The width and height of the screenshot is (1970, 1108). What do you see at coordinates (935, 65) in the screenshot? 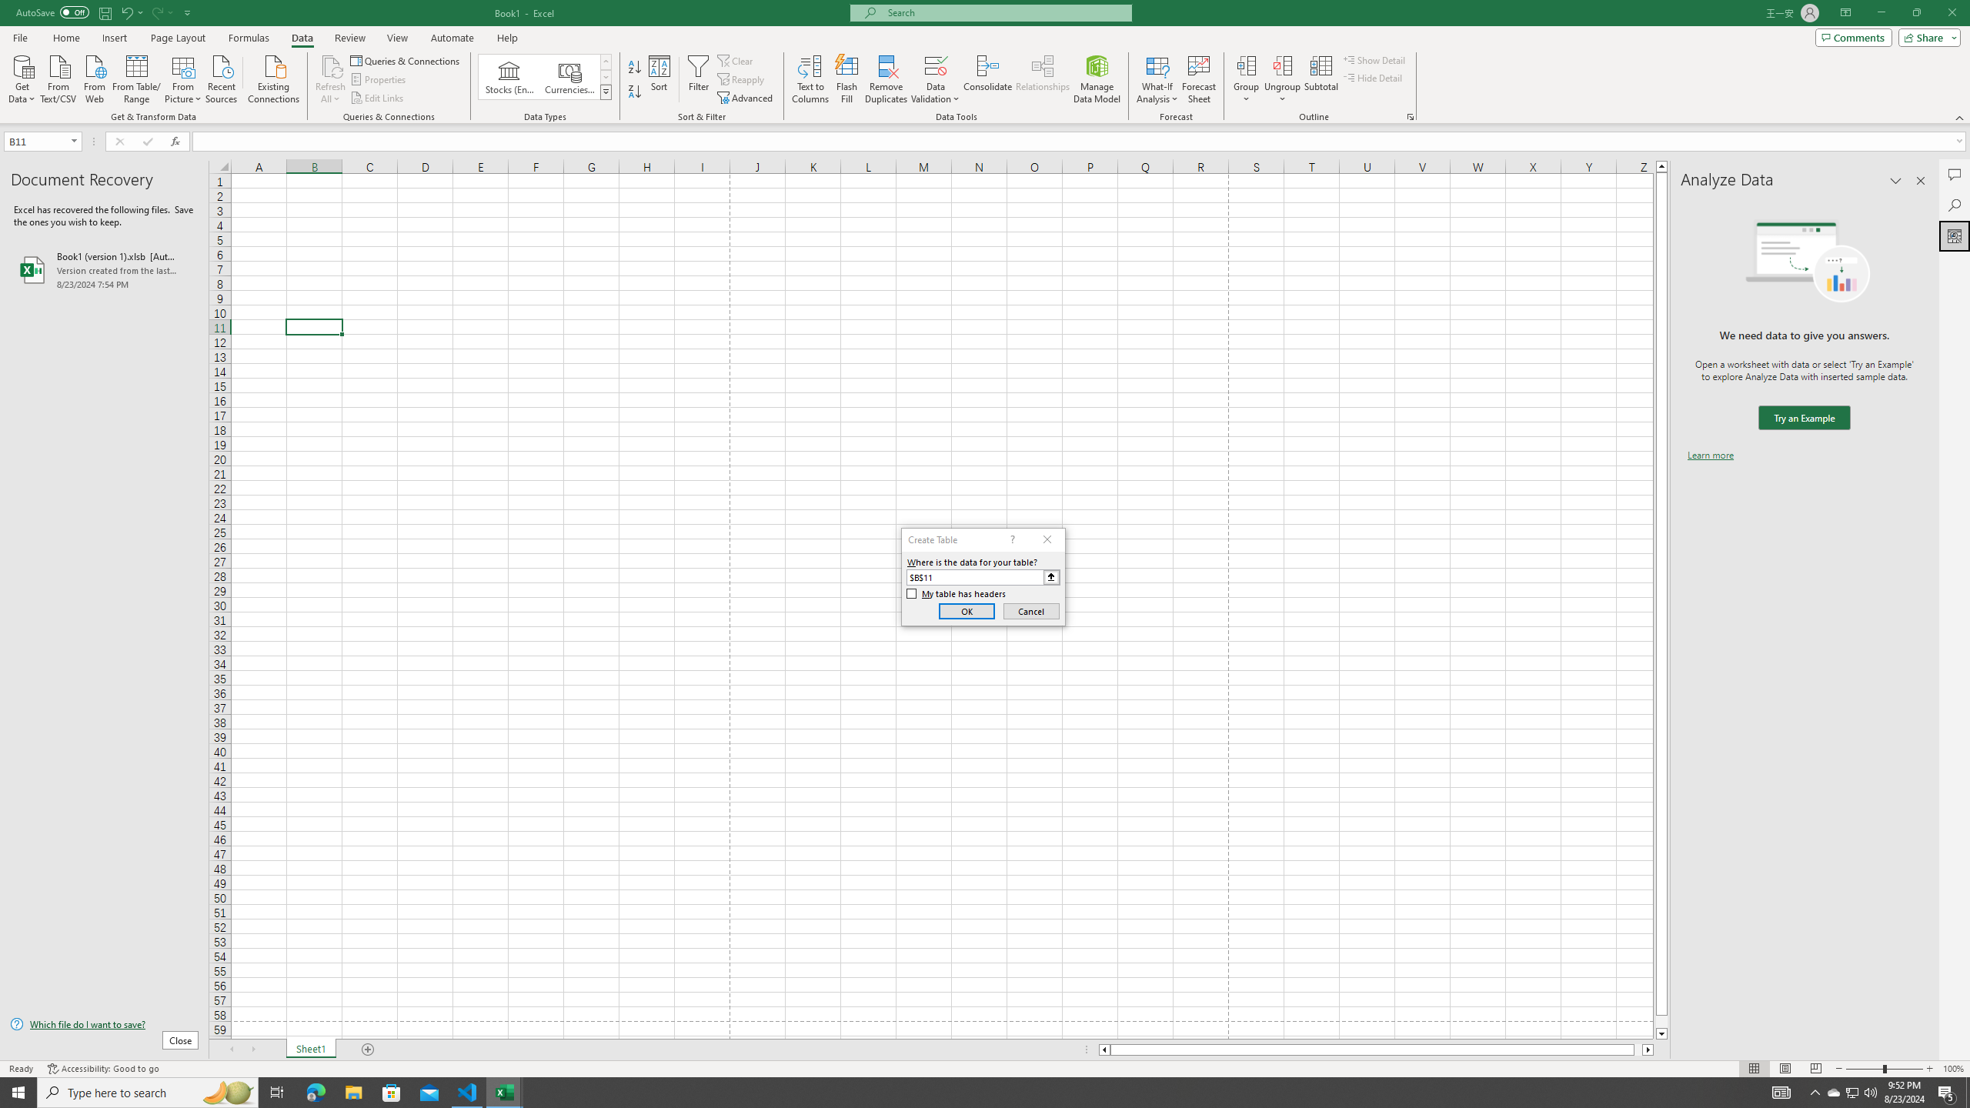
I see `'Data Validation...'` at bounding box center [935, 65].